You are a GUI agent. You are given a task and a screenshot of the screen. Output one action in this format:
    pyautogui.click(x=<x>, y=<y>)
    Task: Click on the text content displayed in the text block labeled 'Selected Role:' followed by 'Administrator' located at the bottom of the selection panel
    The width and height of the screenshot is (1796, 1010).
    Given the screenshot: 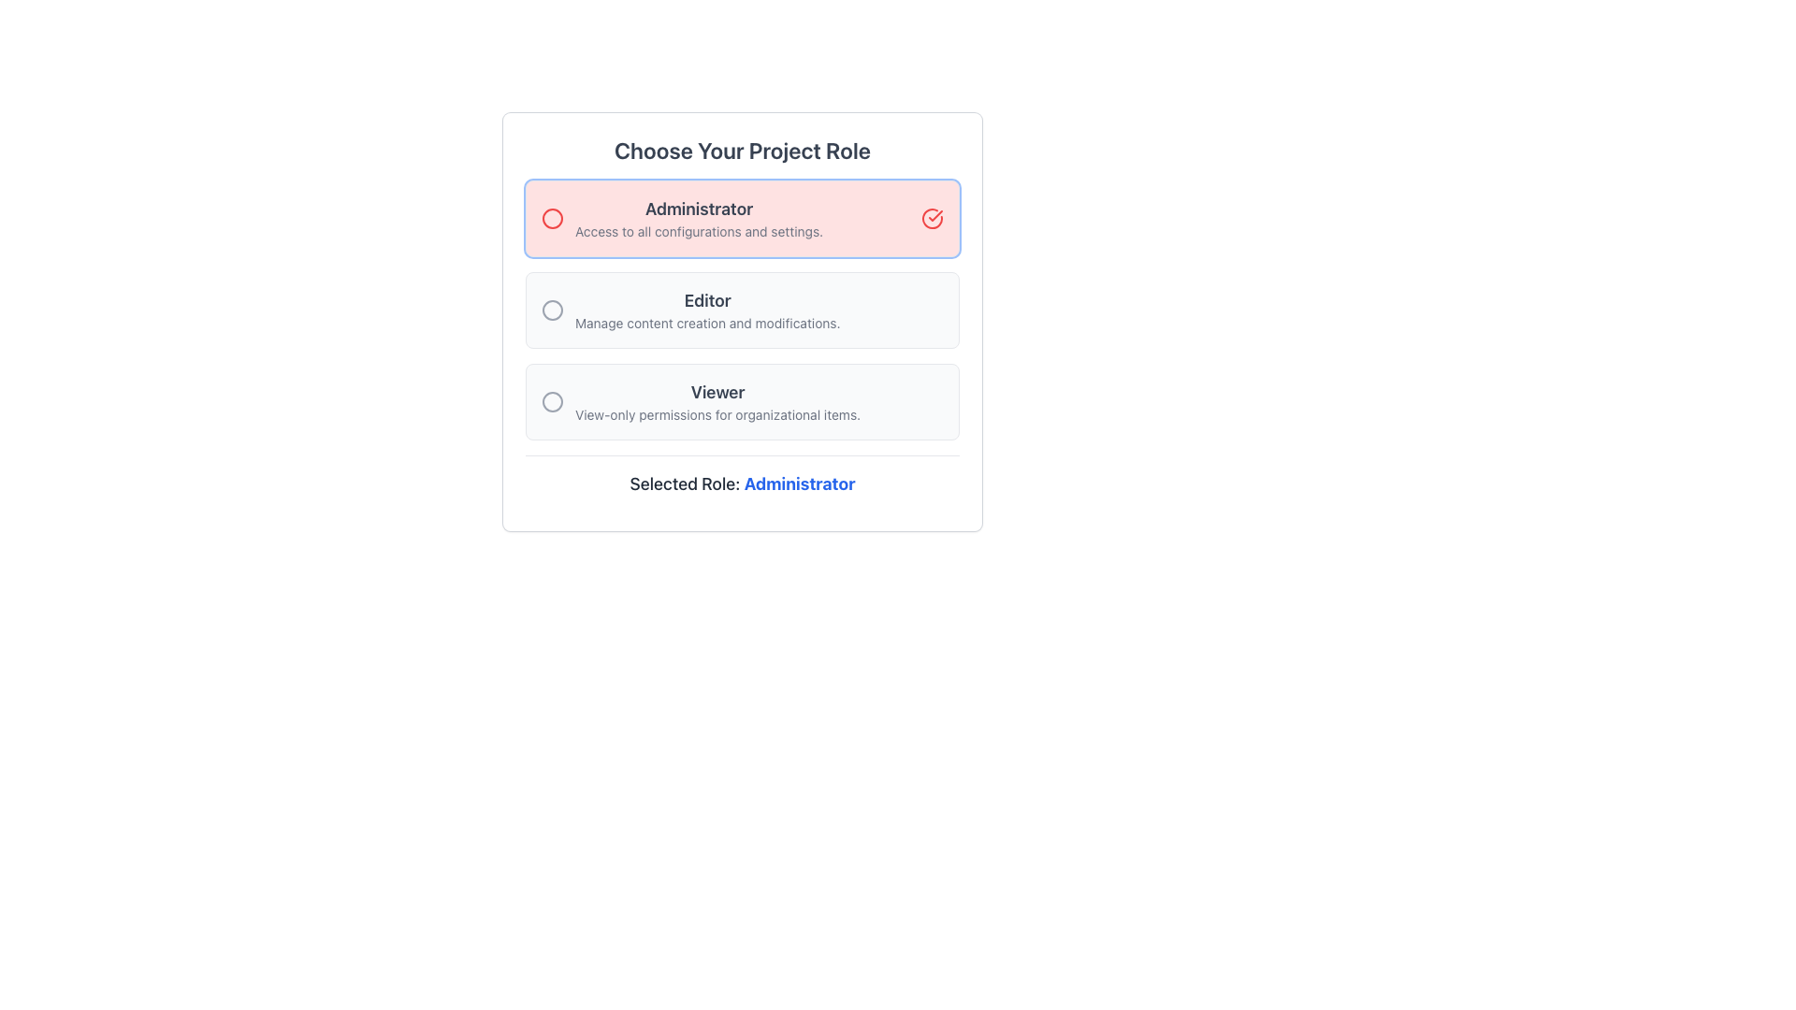 What is the action you would take?
    pyautogui.click(x=741, y=481)
    